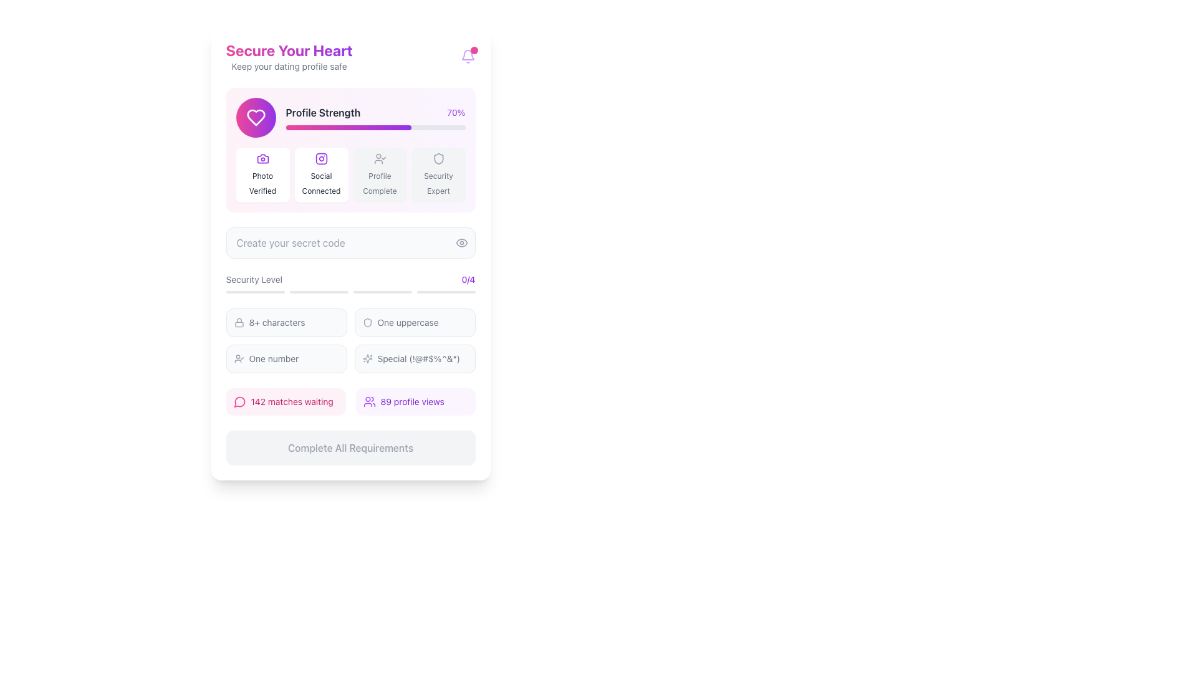 The image size is (1197, 673). I want to click on the heart-shaped icon located near the top left corner of the interface inside a circular pink background, adjacent to the 'Profile Strength' section, so click(255, 118).